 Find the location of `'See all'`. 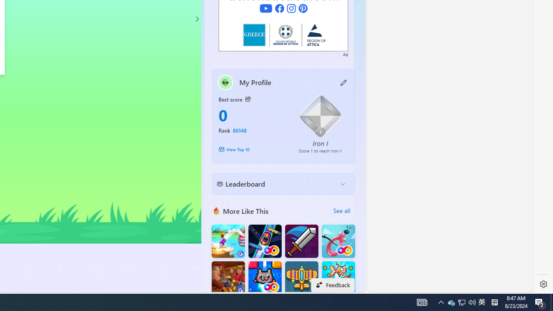

'See all' is located at coordinates (341, 211).